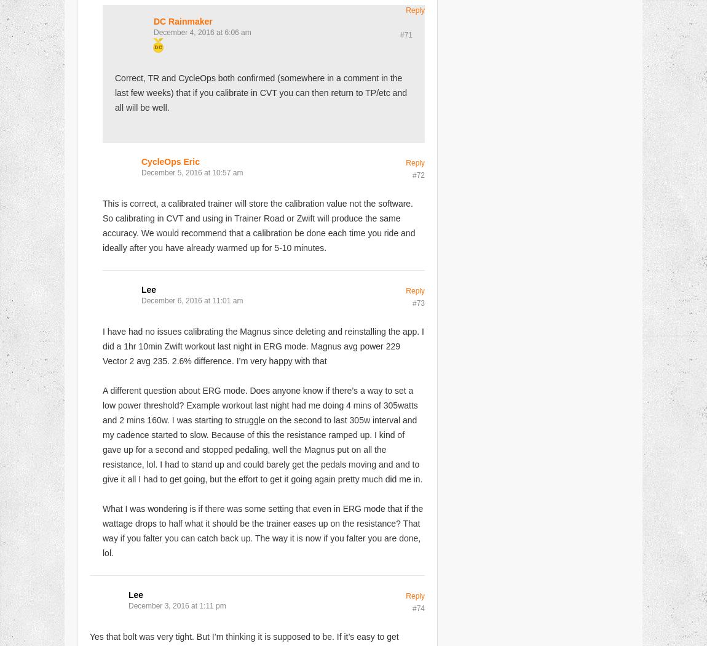 The image size is (707, 646). I want to click on 'A different question about ERG mode. Does anyone know if there’s a way to set a low power threshold? Example workout last night had me doing 4 mins of 305watts and 2 mins 160w. I was starting to struggle on the second to last 305w interval and my cadence started to slow. Because of this the resistance ramped up. I kind of gave up for a second and stopped pedaling, well the Magnus put on all the resistance, lol. I had to stand up and could barely get the pedals moving and and to give it all I had to get going, but the effort to get it going again pretty  much did me in.', so click(101, 434).